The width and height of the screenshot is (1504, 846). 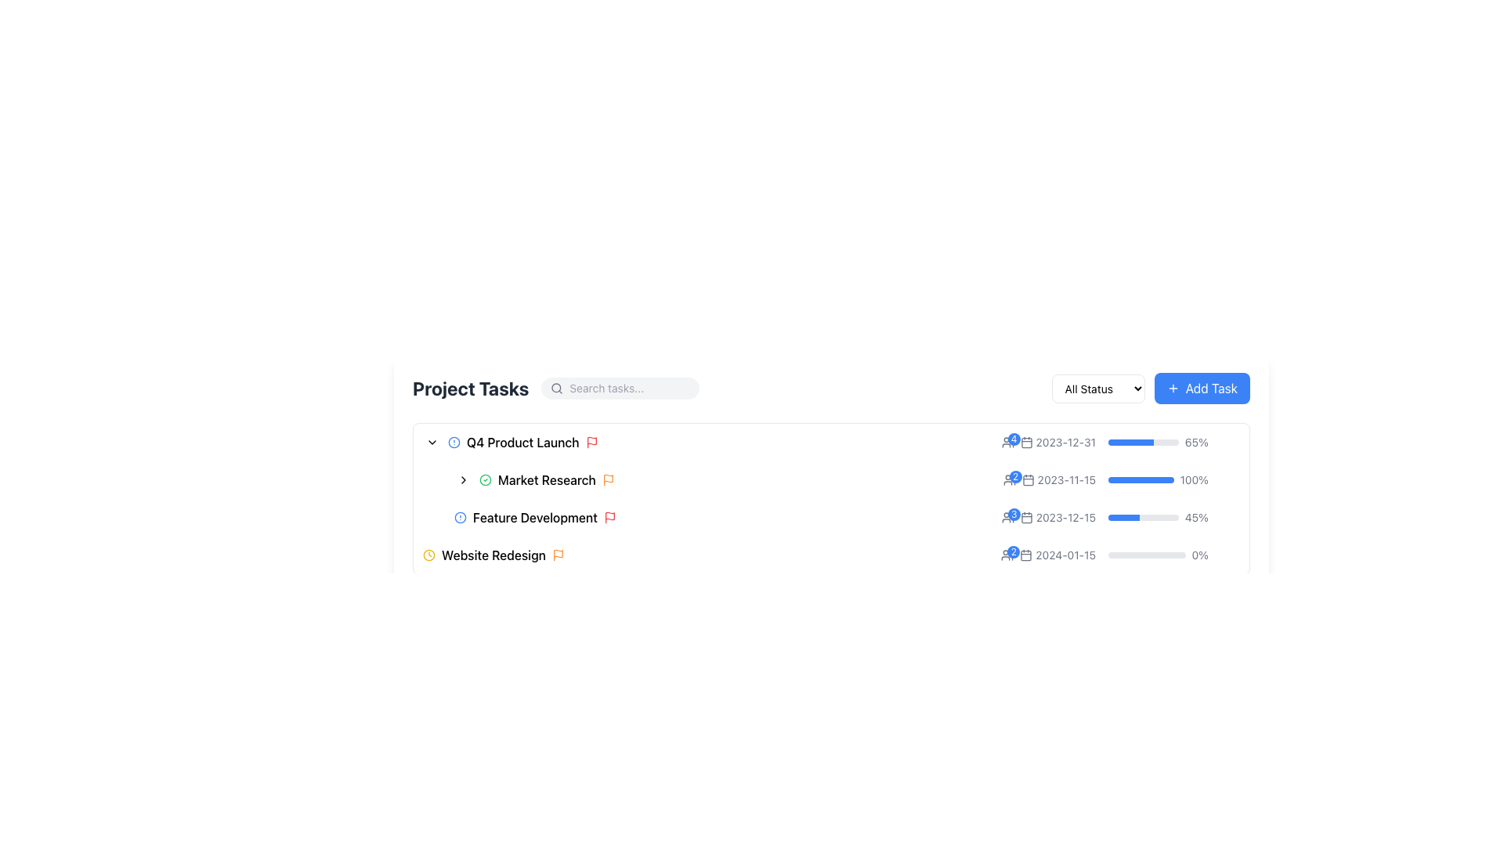 I want to click on the calendar icon located to the immediate left of the date '2023-11-15' in the right panel of the interface, so click(x=1028, y=479).